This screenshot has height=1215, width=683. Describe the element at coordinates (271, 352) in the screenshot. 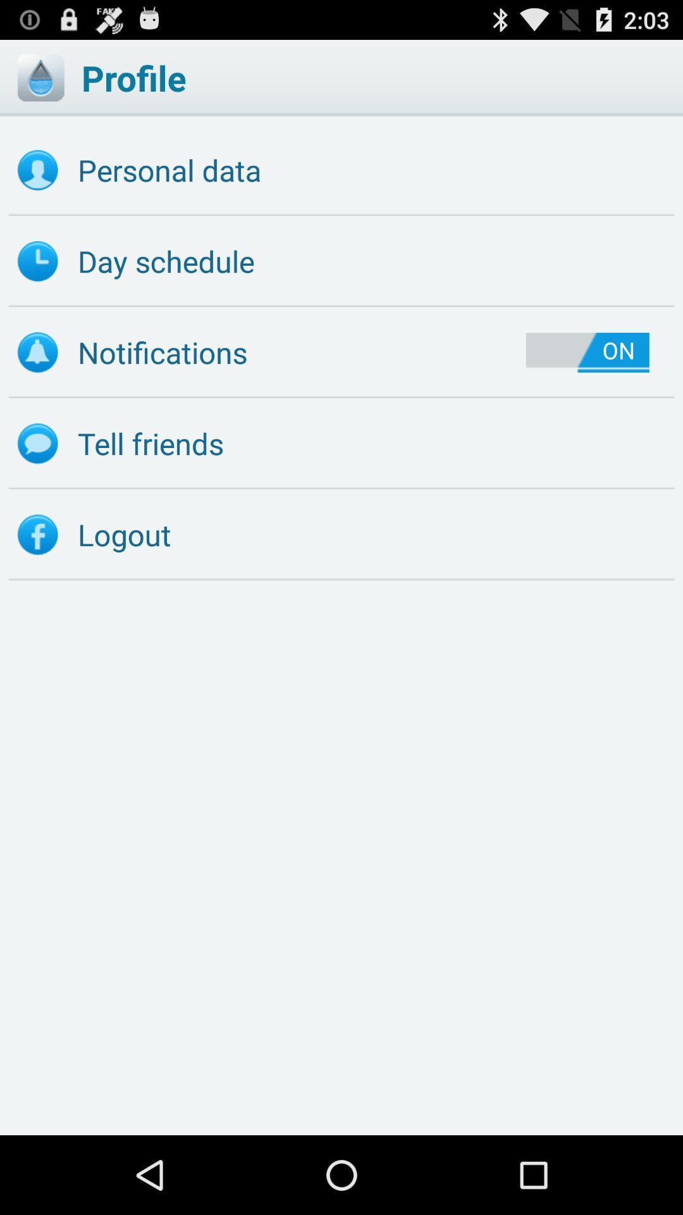

I see `icon to the left of the on` at that location.